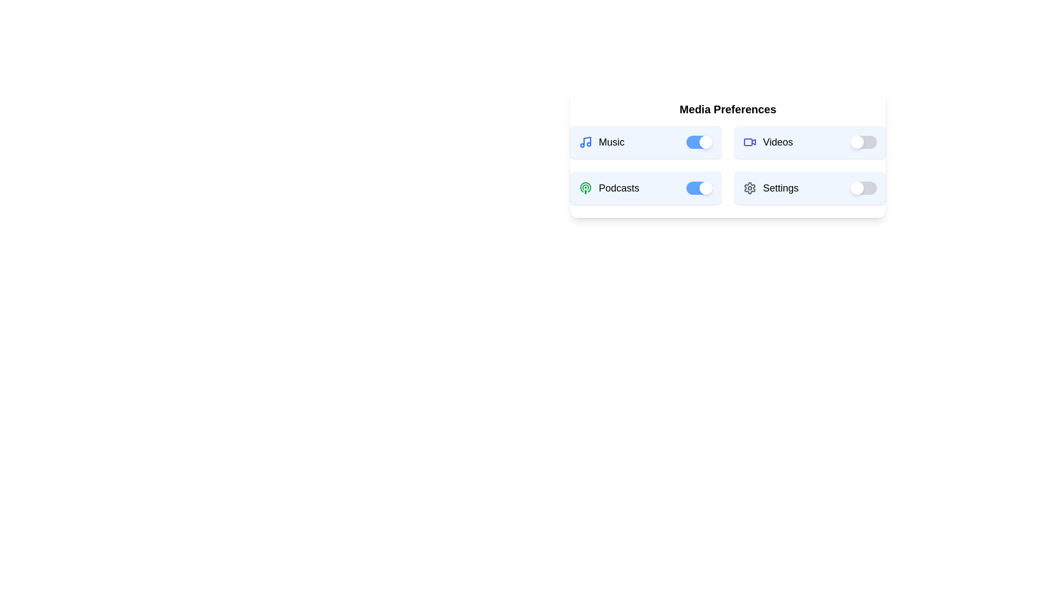 The height and width of the screenshot is (591, 1051). What do you see at coordinates (585, 187) in the screenshot?
I see `the Podcasts icon to toggle its state` at bounding box center [585, 187].